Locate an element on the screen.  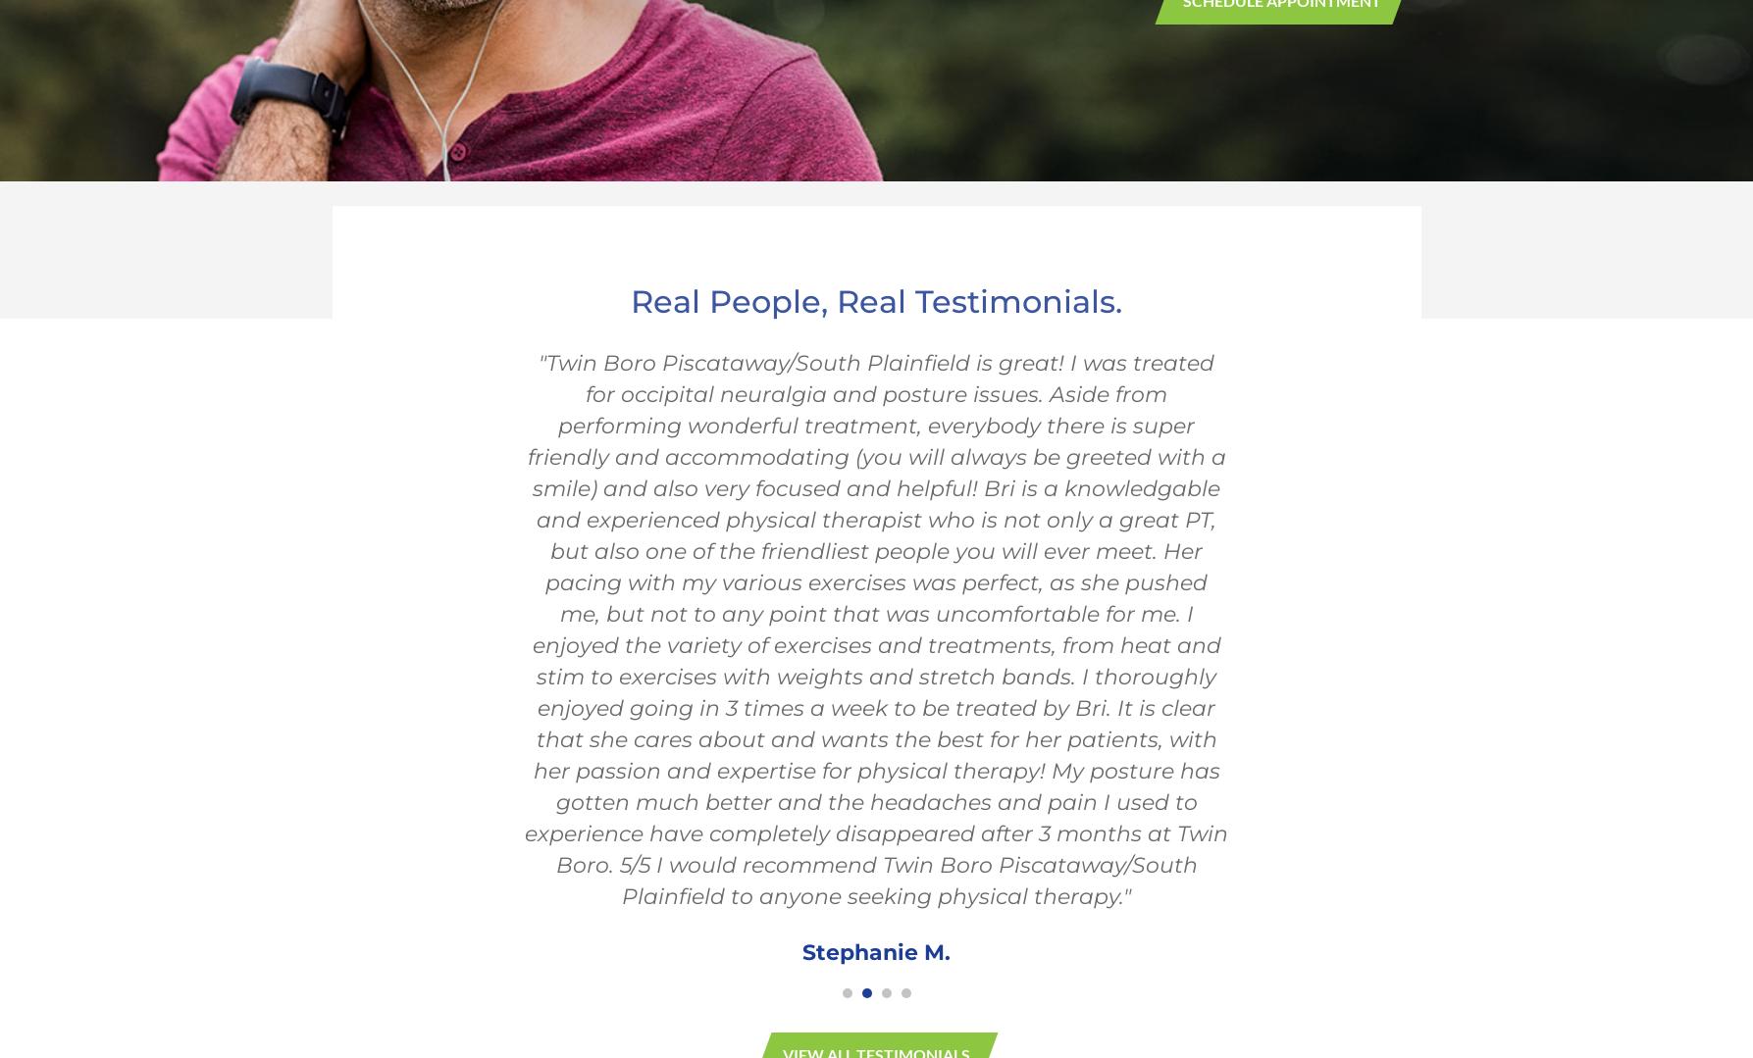
'Stephanie M.' is located at coordinates (876, 950).